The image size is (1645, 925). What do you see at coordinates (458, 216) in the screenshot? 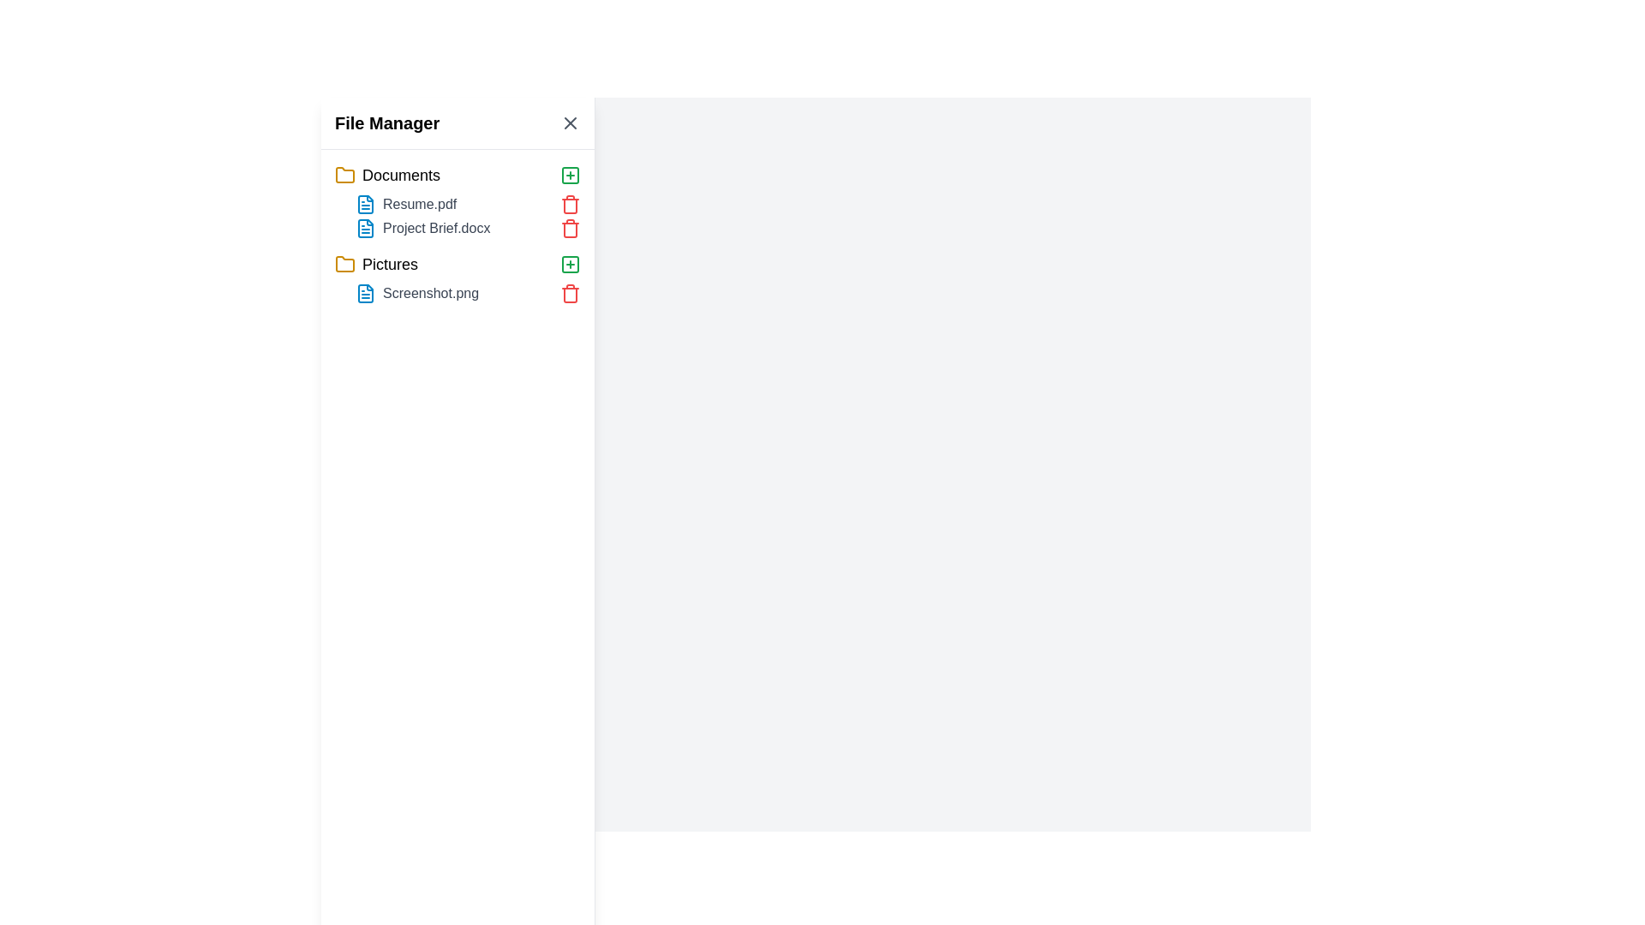
I see `the List of file entries under the 'Documents' section` at bounding box center [458, 216].